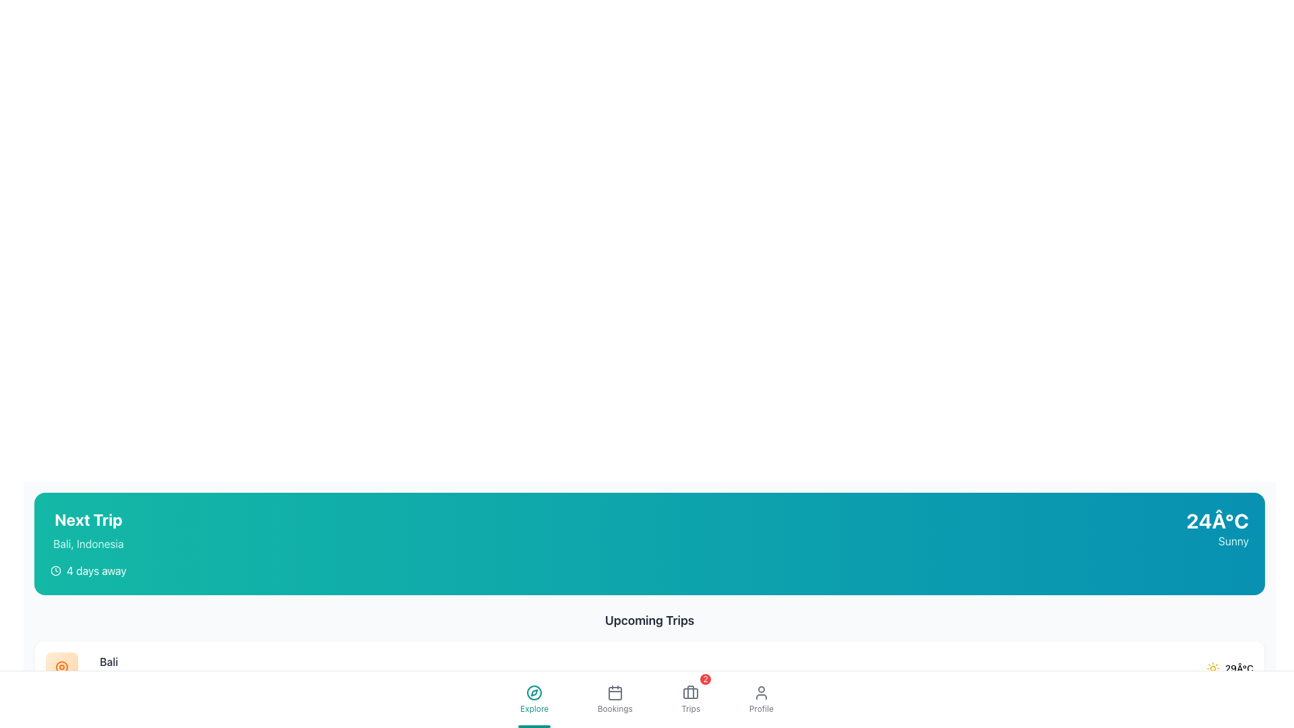 The image size is (1294, 728). What do you see at coordinates (705, 679) in the screenshot?
I see `the notification badge located at the top-right corner of the 'Trips' icon in the bottom navigation bar` at bounding box center [705, 679].